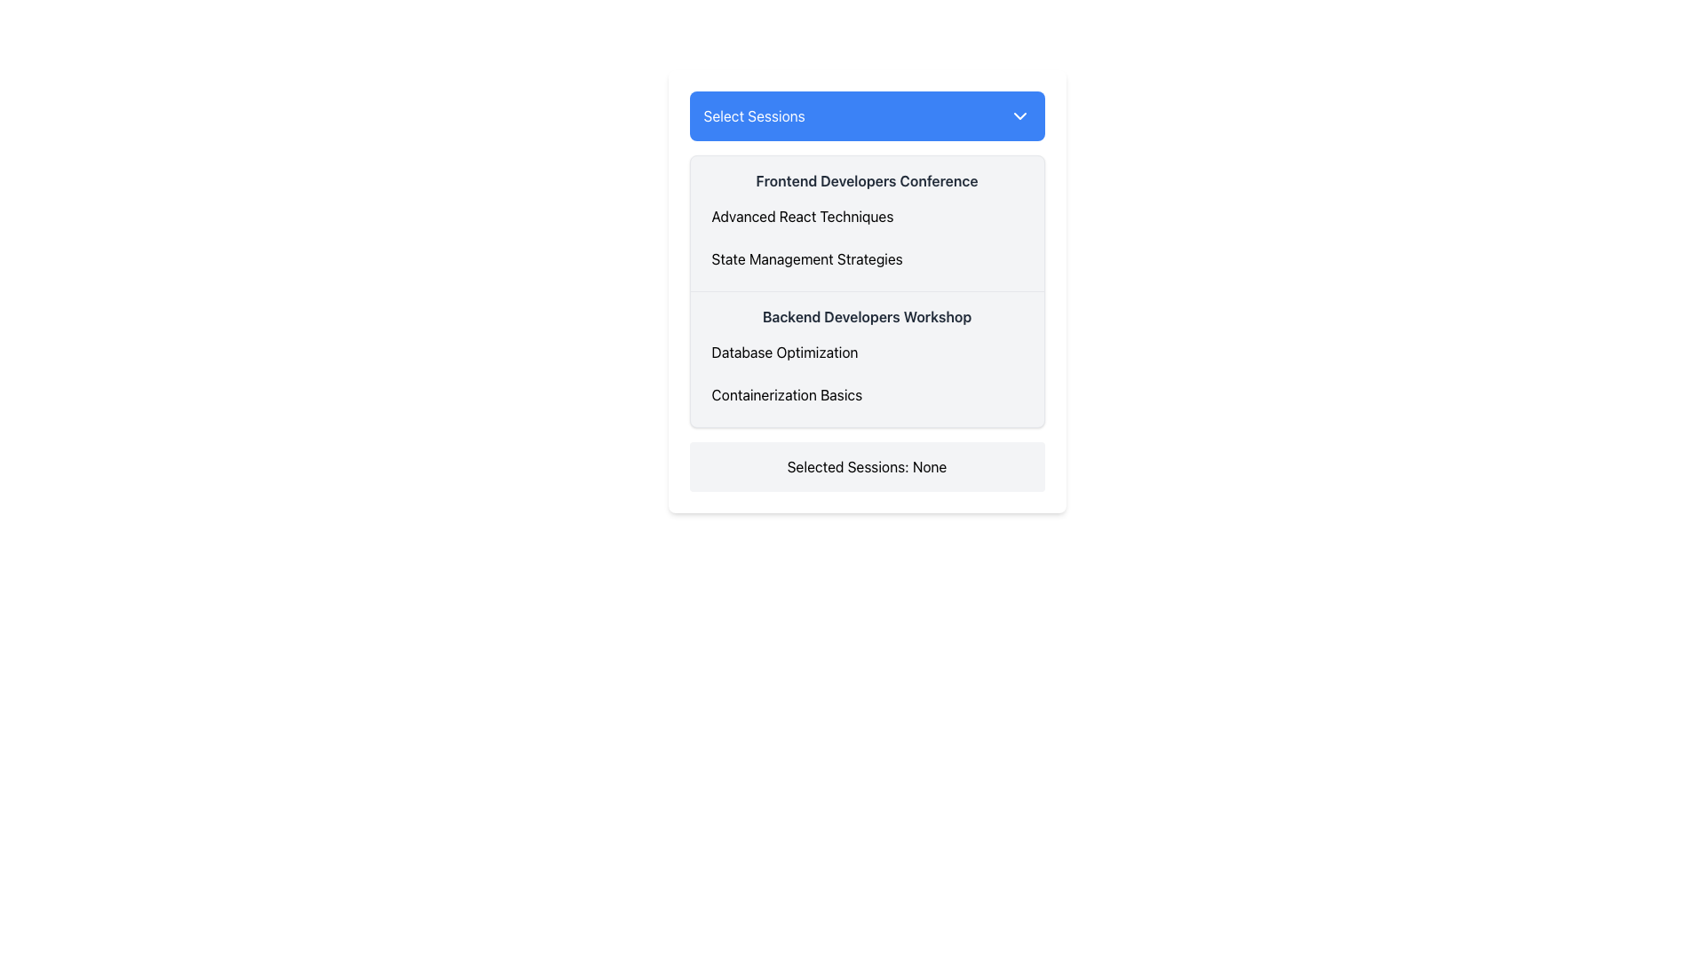  I want to click on the text display label indicating 'Backend Developers Workshop', which is styled in bold font and located in the list of session titles, so click(867, 316).